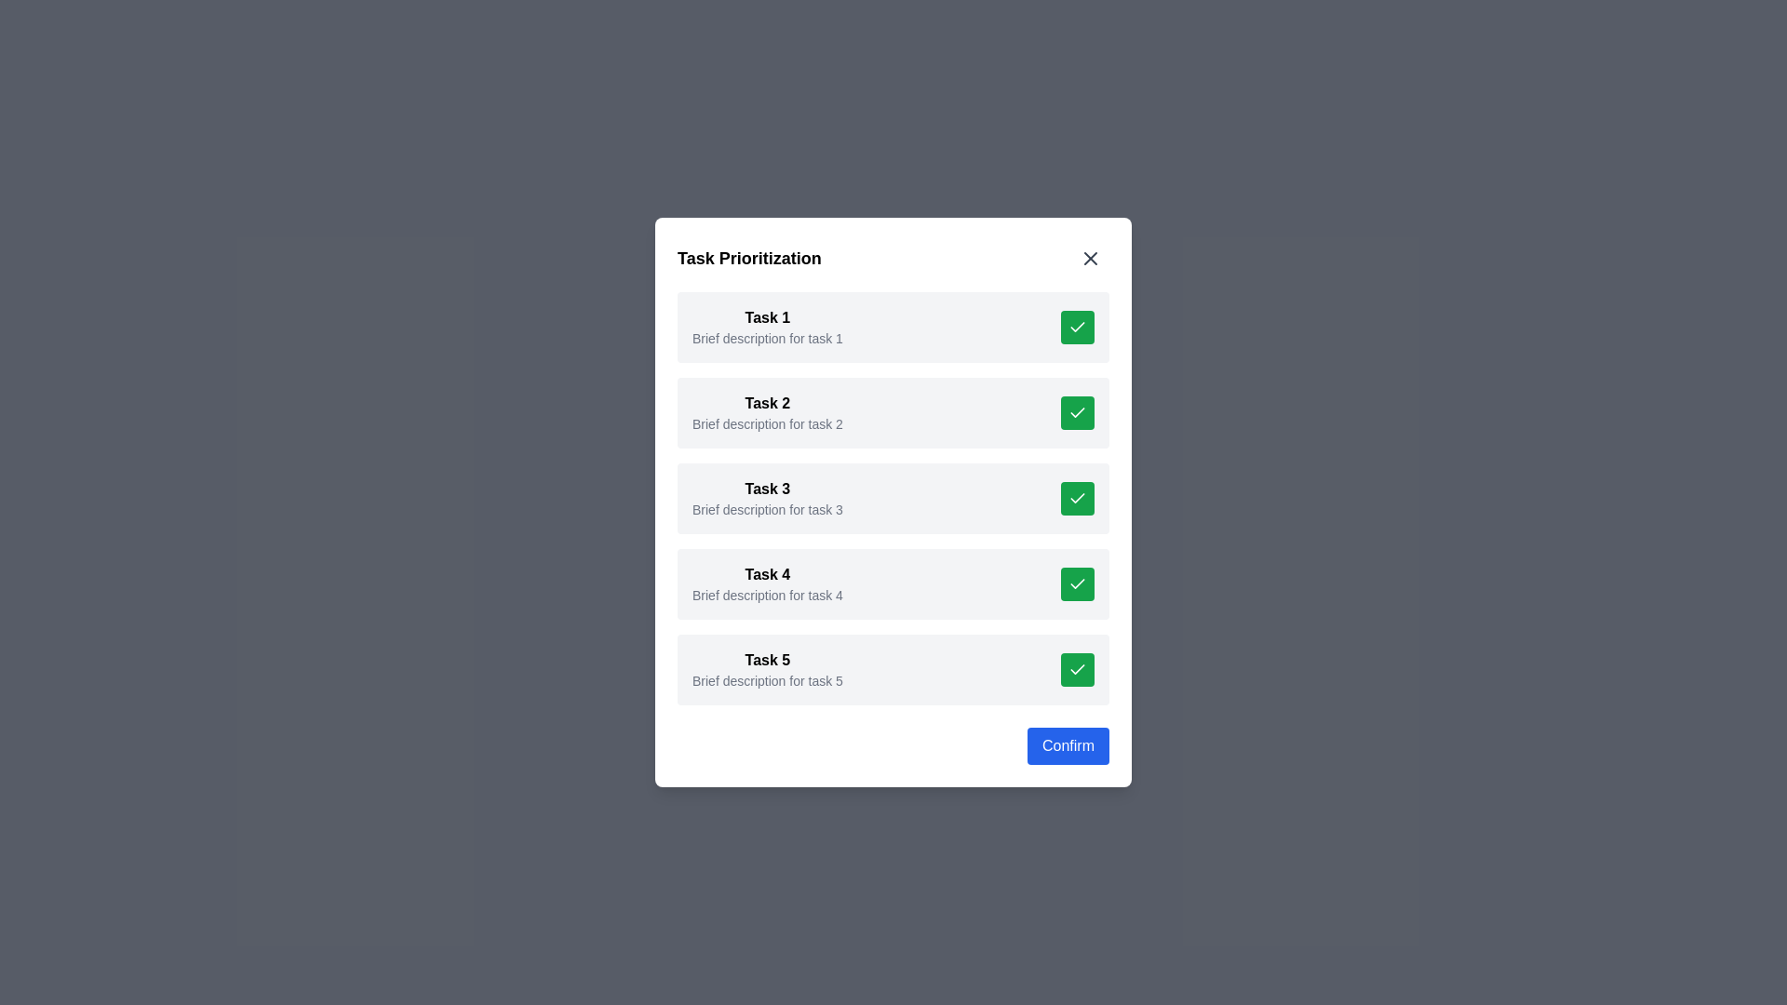  What do you see at coordinates (1077, 498) in the screenshot?
I see `the checkmark icon indicating the completion of 'Task 3'` at bounding box center [1077, 498].